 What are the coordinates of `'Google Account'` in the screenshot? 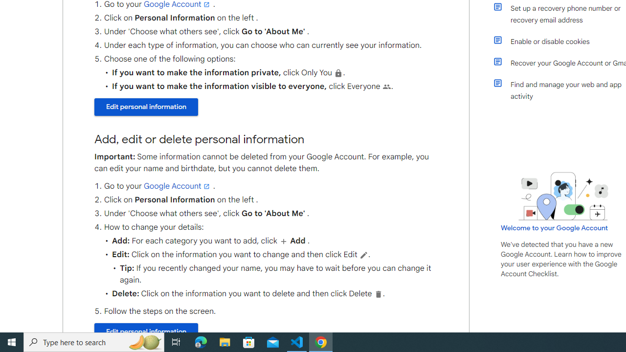 It's located at (178, 186).